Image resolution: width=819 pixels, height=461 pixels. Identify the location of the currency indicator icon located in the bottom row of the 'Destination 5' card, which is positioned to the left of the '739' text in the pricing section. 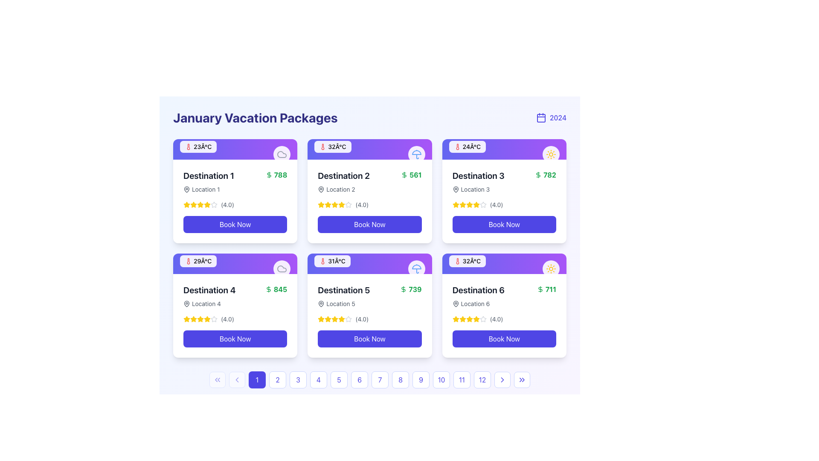
(403, 289).